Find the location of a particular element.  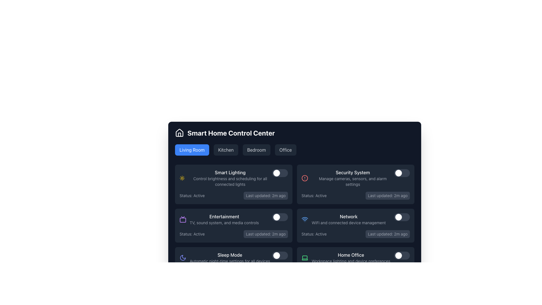

the Wi-Fi signal icon, which is styled in blue and indicates a connection, located on the left side of the 'Network' block that contains text about WiFi and device management is located at coordinates (305, 219).